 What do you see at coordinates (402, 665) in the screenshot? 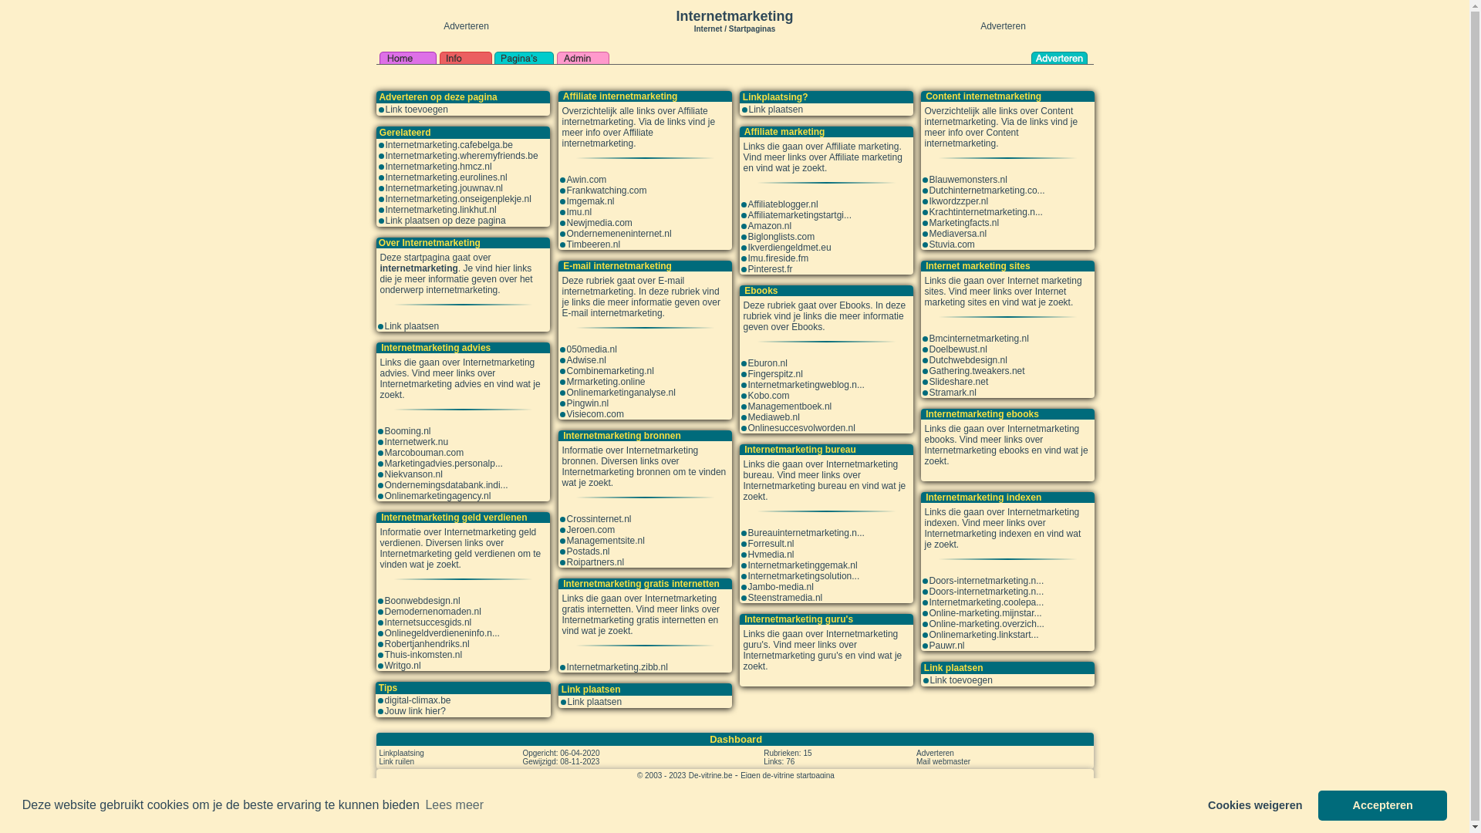
I see `'Writgo.nl'` at bounding box center [402, 665].